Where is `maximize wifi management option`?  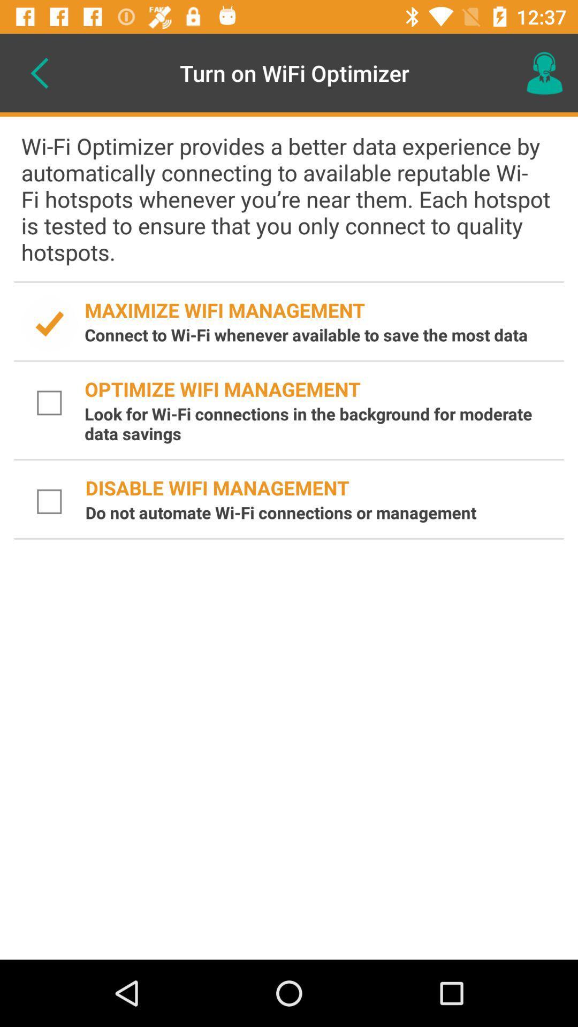 maximize wifi management option is located at coordinates (49, 323).